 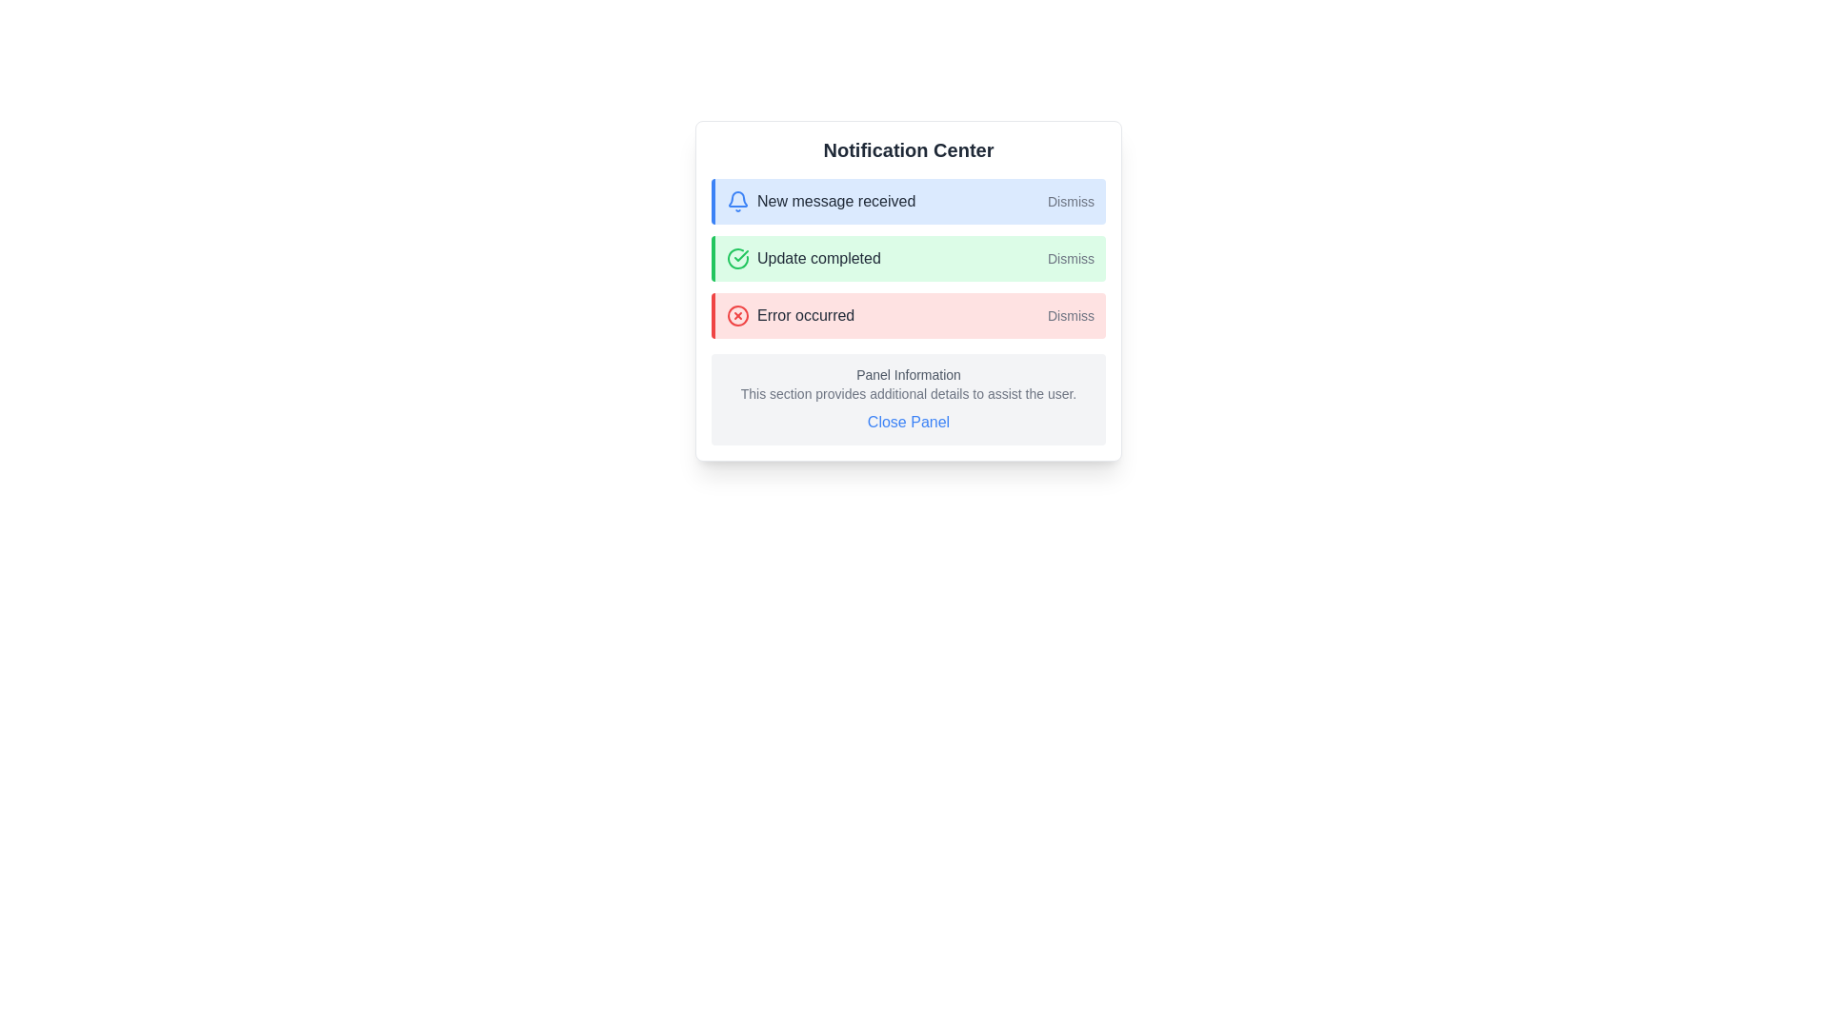 What do you see at coordinates (818, 259) in the screenshot?
I see `the text label displaying 'Update completed' in gray font, located centrally within the second notification card in the 'Notification Center' panel` at bounding box center [818, 259].